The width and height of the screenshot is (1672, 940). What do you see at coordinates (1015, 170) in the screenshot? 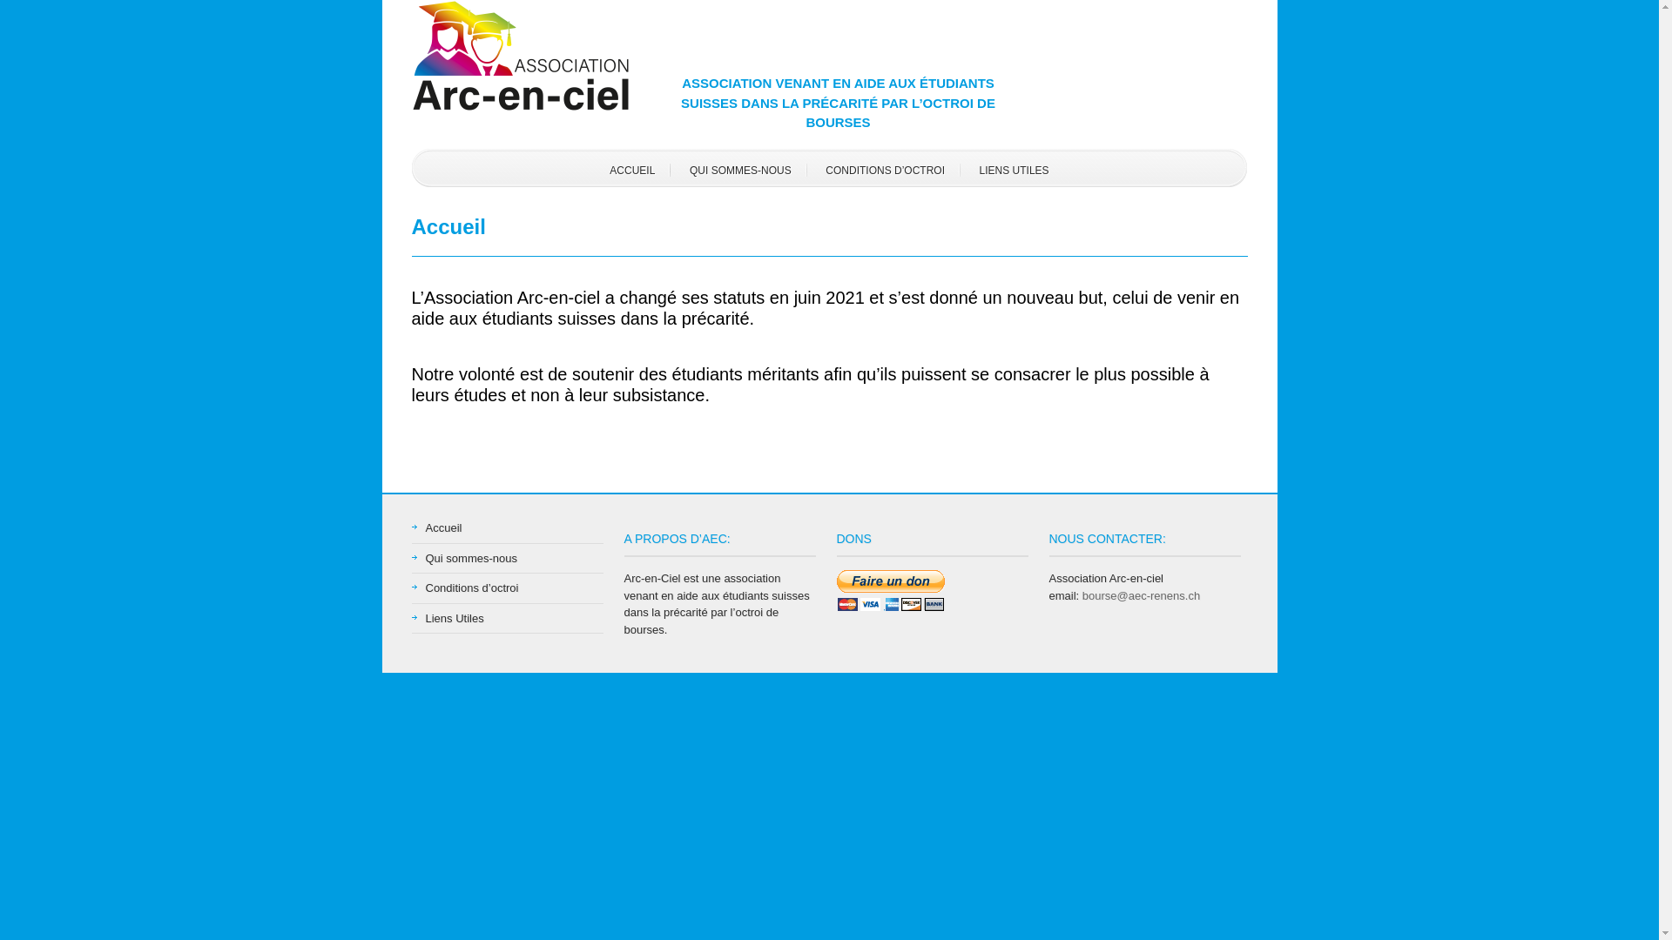
I see `'LIENS UTILES'` at bounding box center [1015, 170].